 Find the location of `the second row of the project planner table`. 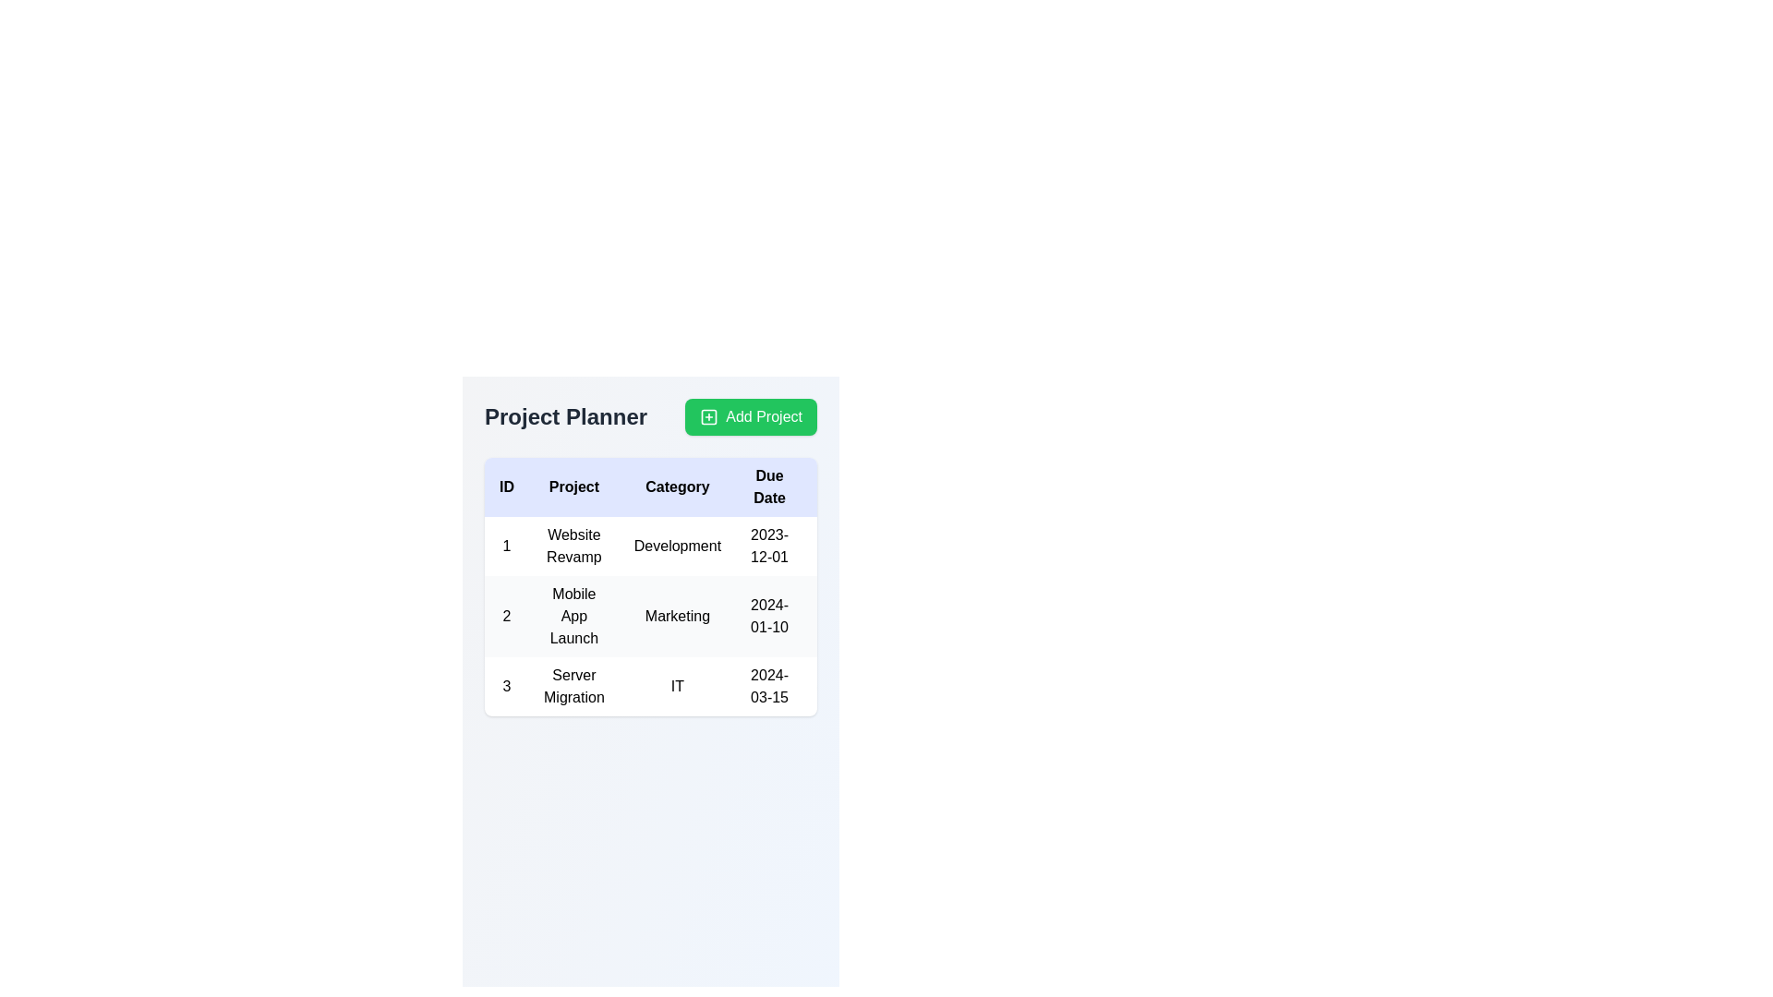

the second row of the project planner table is located at coordinates (749, 616).